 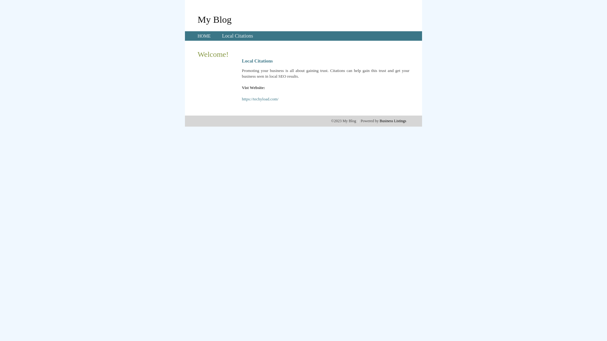 What do you see at coordinates (214, 19) in the screenshot?
I see `'My Blog'` at bounding box center [214, 19].